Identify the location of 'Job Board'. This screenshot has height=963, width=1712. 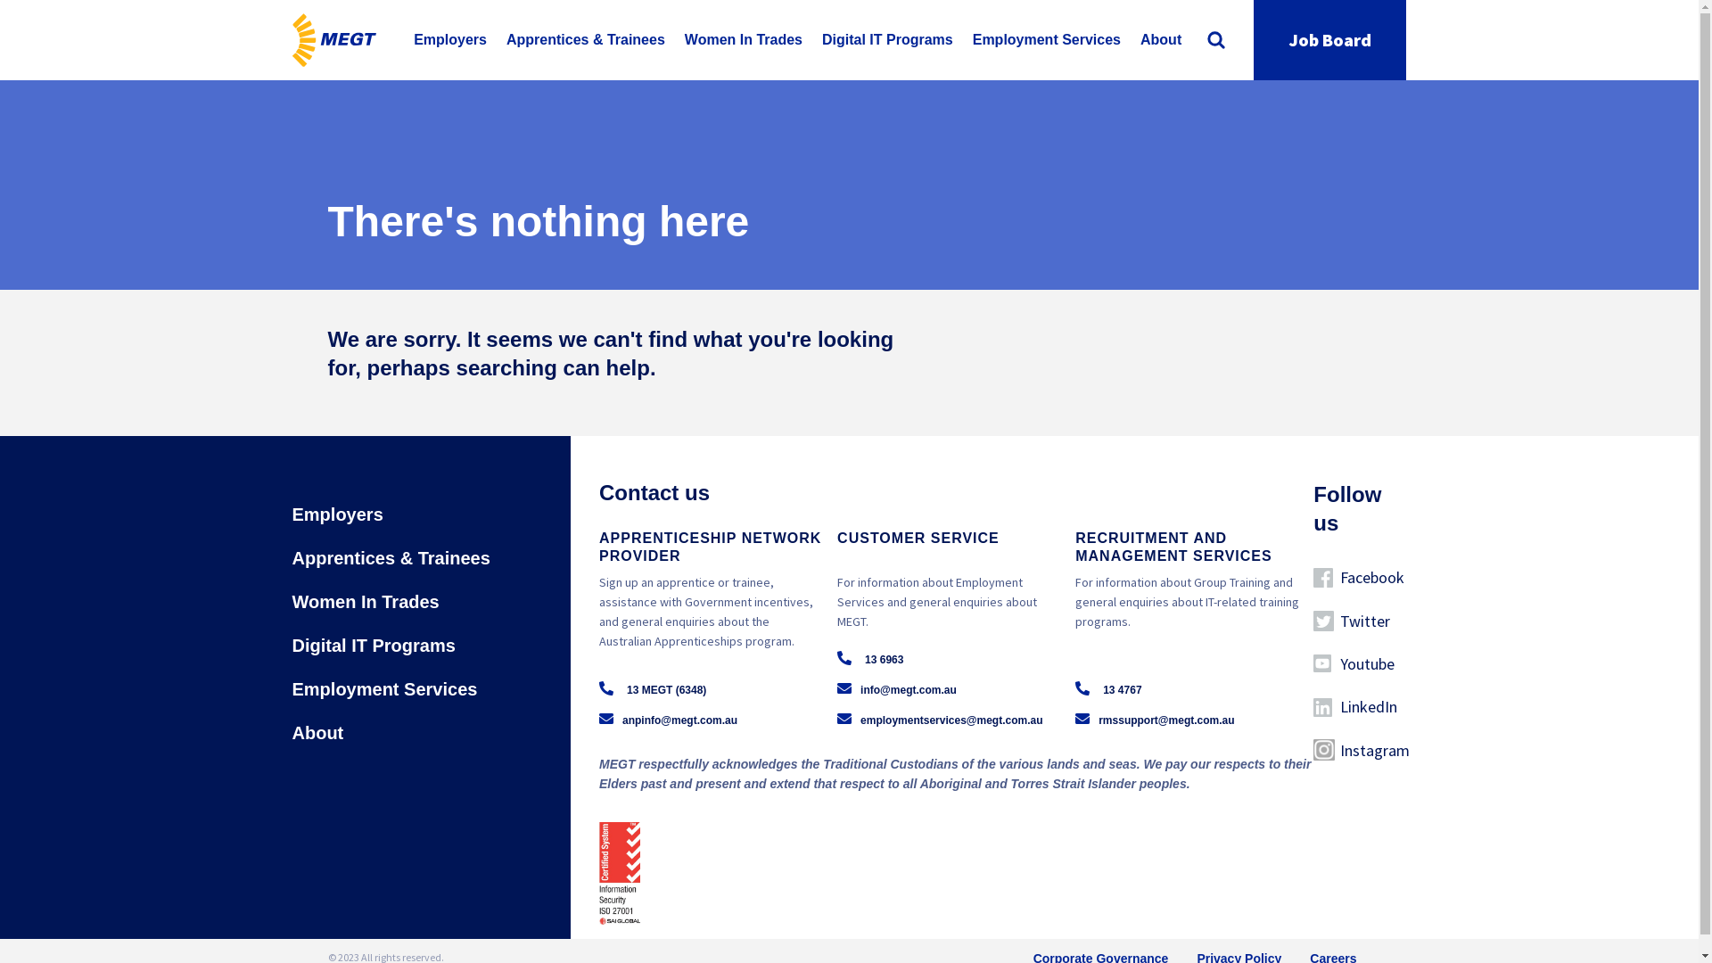
(1329, 40).